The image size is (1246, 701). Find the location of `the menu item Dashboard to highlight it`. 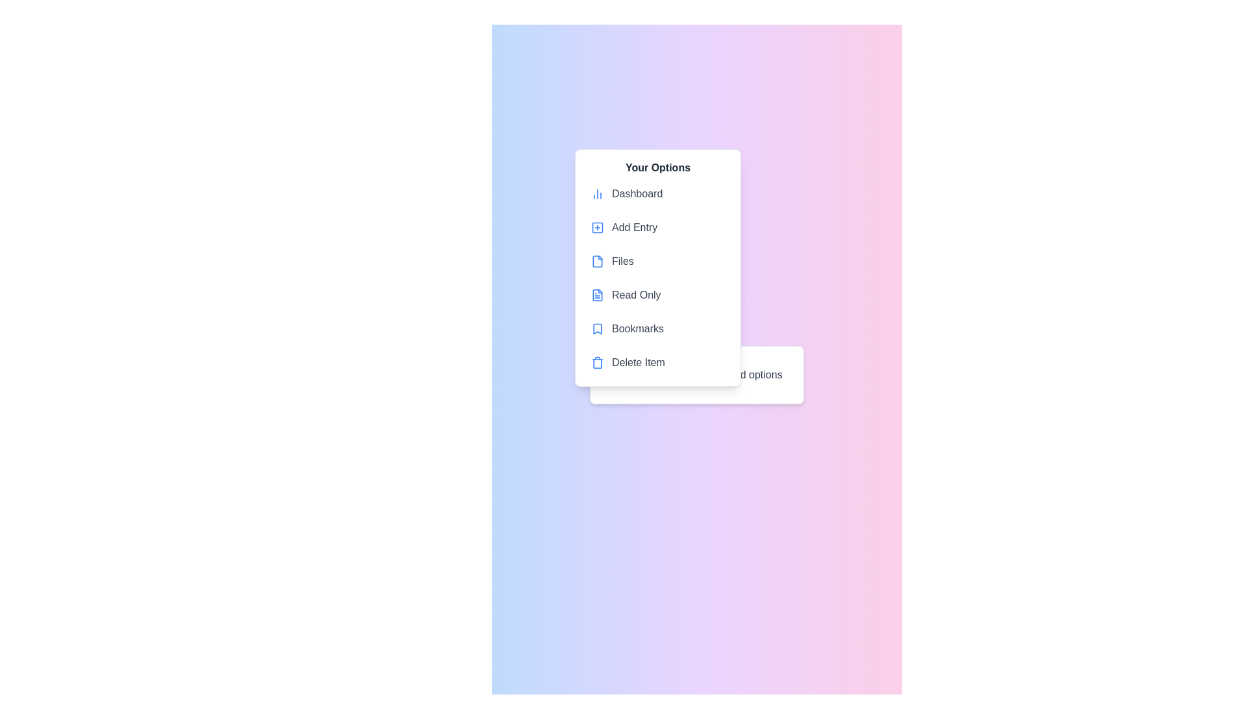

the menu item Dashboard to highlight it is located at coordinates (657, 194).